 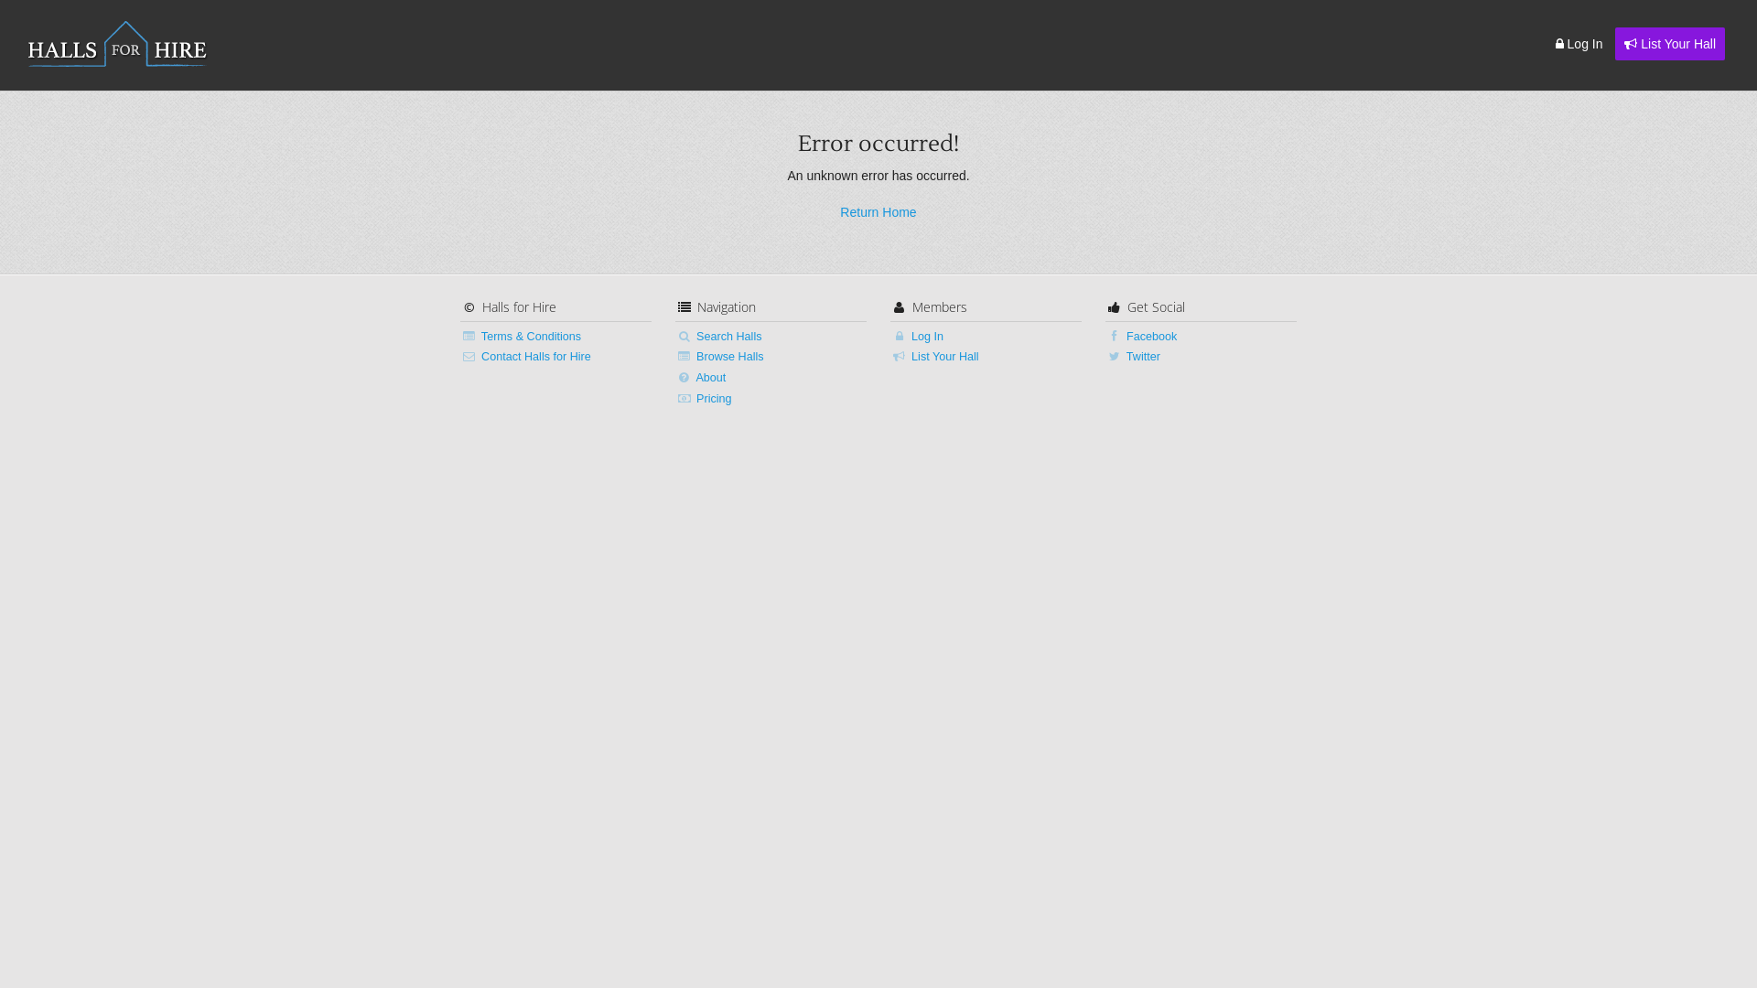 I want to click on 'Browse Halls', so click(x=771, y=357).